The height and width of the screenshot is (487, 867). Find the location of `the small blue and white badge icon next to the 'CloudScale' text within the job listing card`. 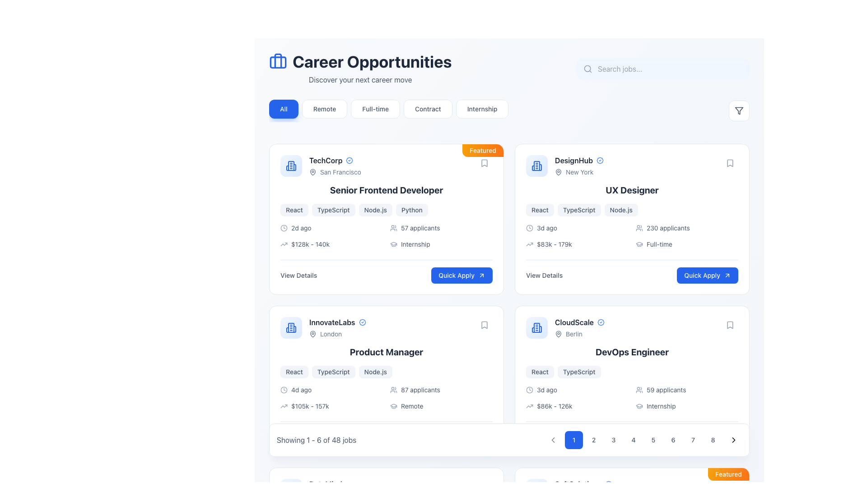

the small blue and white badge icon next to the 'CloudScale' text within the job listing card is located at coordinates (601, 322).